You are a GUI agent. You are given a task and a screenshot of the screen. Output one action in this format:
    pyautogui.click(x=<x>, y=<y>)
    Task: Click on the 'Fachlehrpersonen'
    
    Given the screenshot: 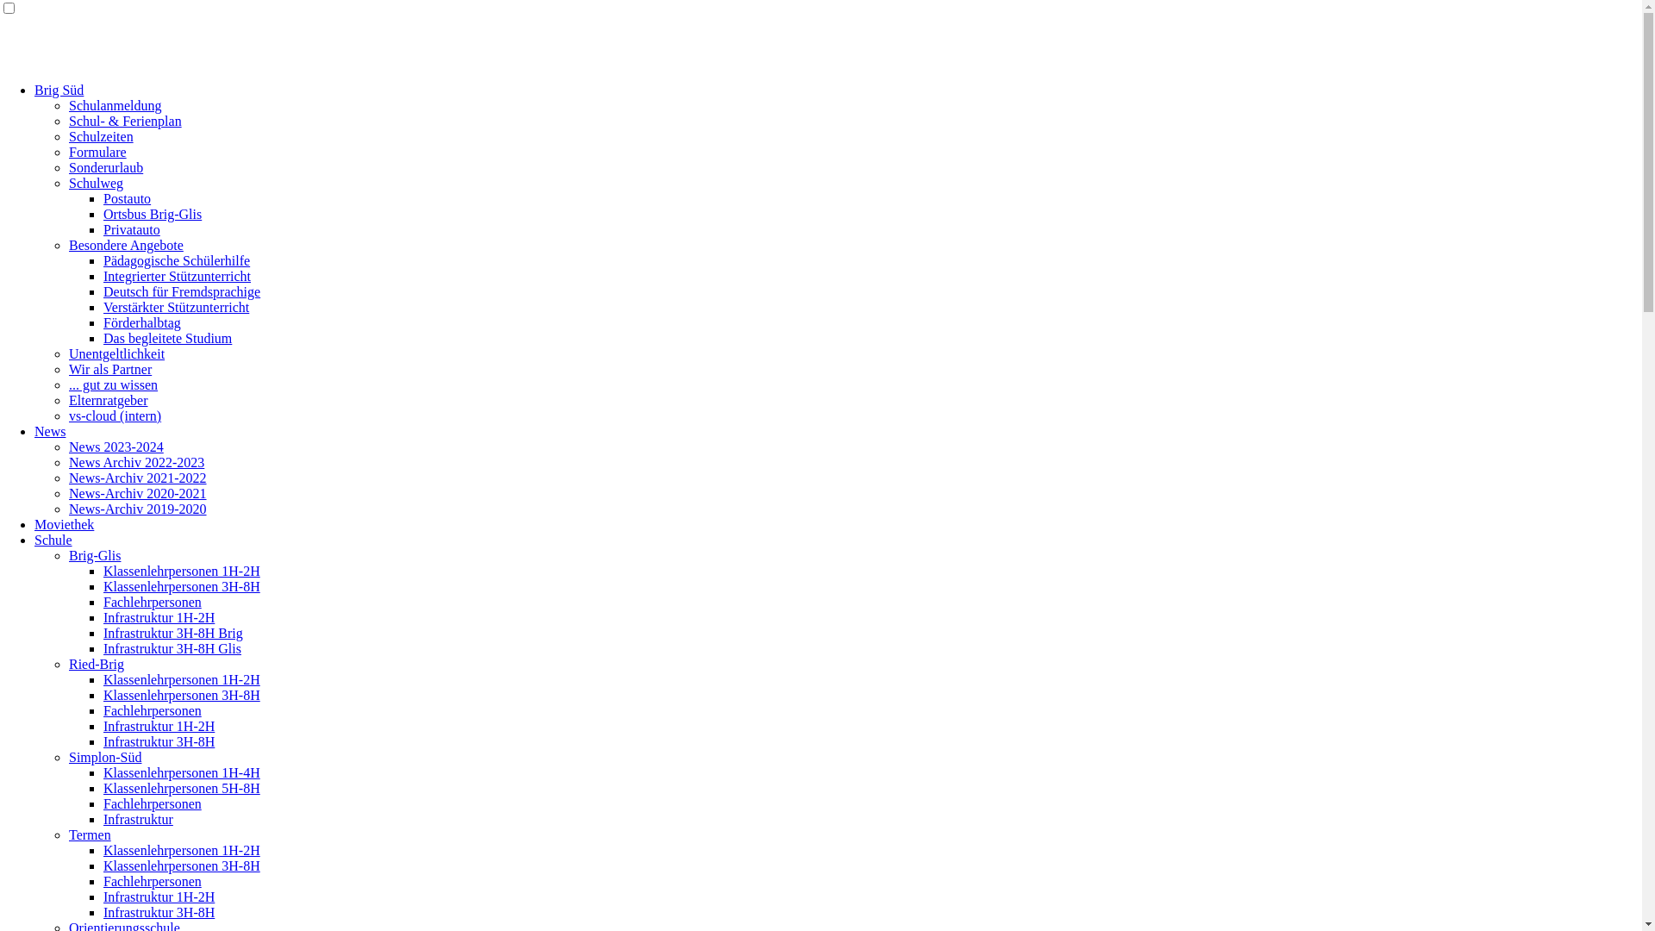 What is the action you would take?
    pyautogui.click(x=103, y=881)
    